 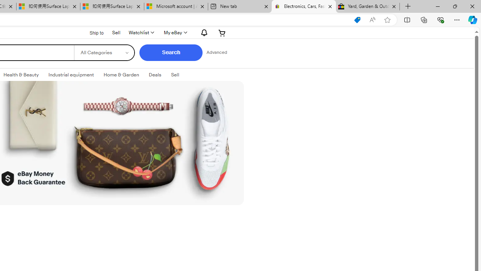 I want to click on 'Deals', so click(x=154, y=75).